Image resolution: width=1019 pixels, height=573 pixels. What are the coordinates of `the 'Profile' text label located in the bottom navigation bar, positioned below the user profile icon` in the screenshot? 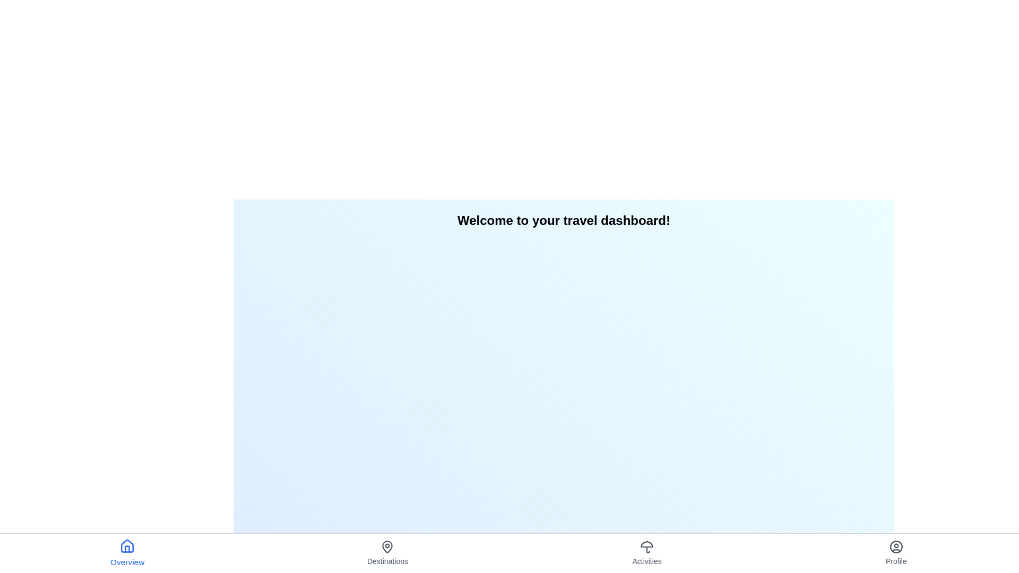 It's located at (895, 560).